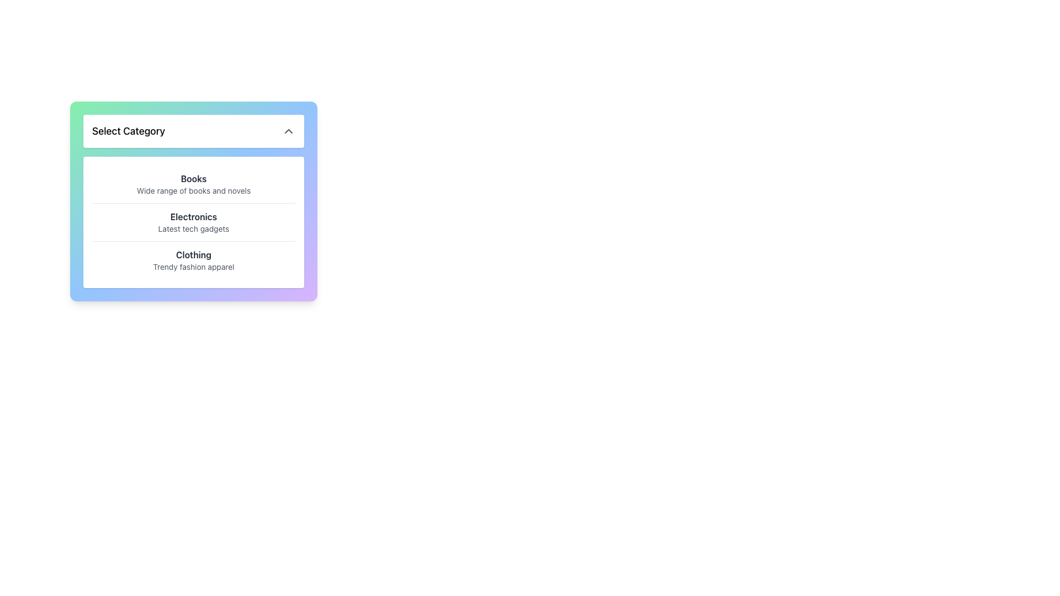  I want to click on the 'Electronics' category list item, which displays 'Electronics' in bold and 'Latest tech gadgets' in a lighter font, so click(193, 222).